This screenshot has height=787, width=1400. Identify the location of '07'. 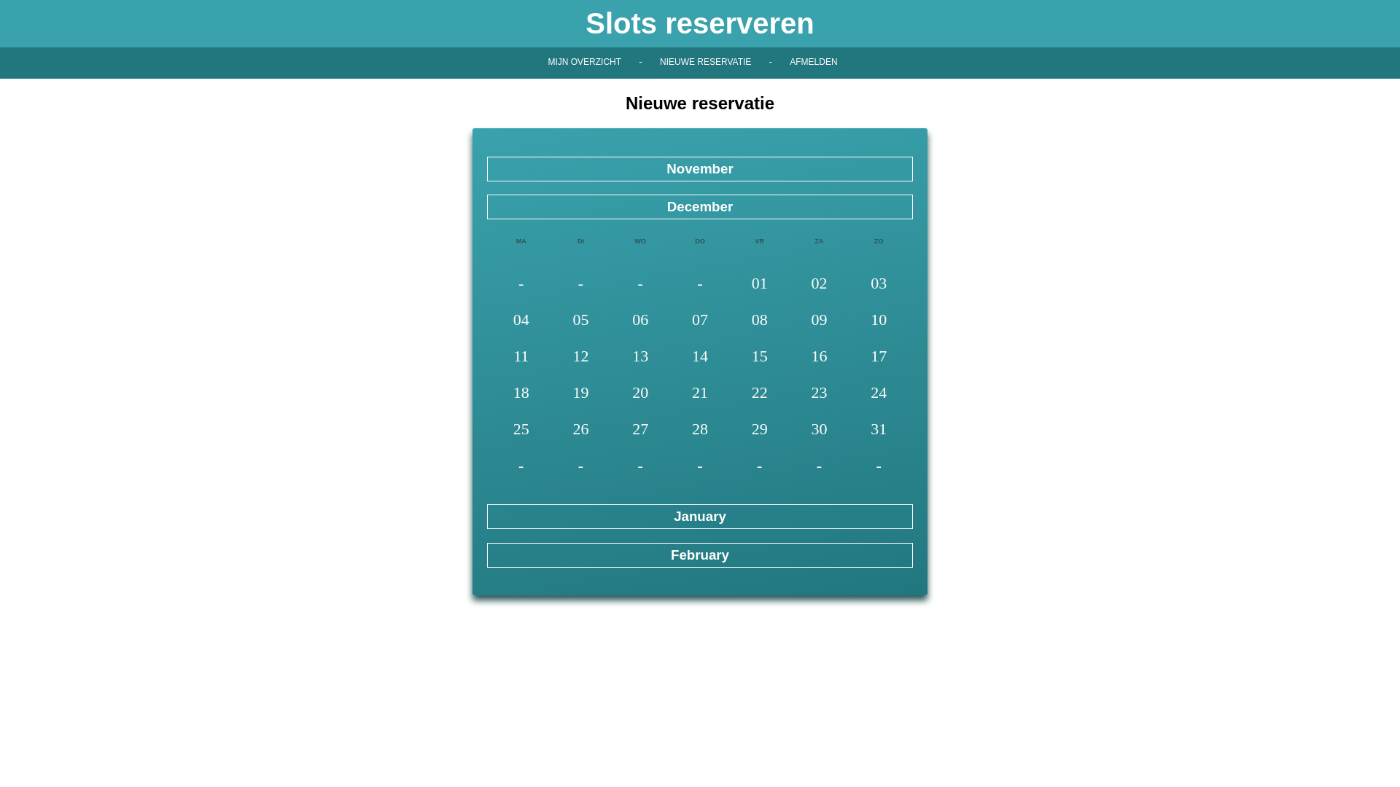
(700, 320).